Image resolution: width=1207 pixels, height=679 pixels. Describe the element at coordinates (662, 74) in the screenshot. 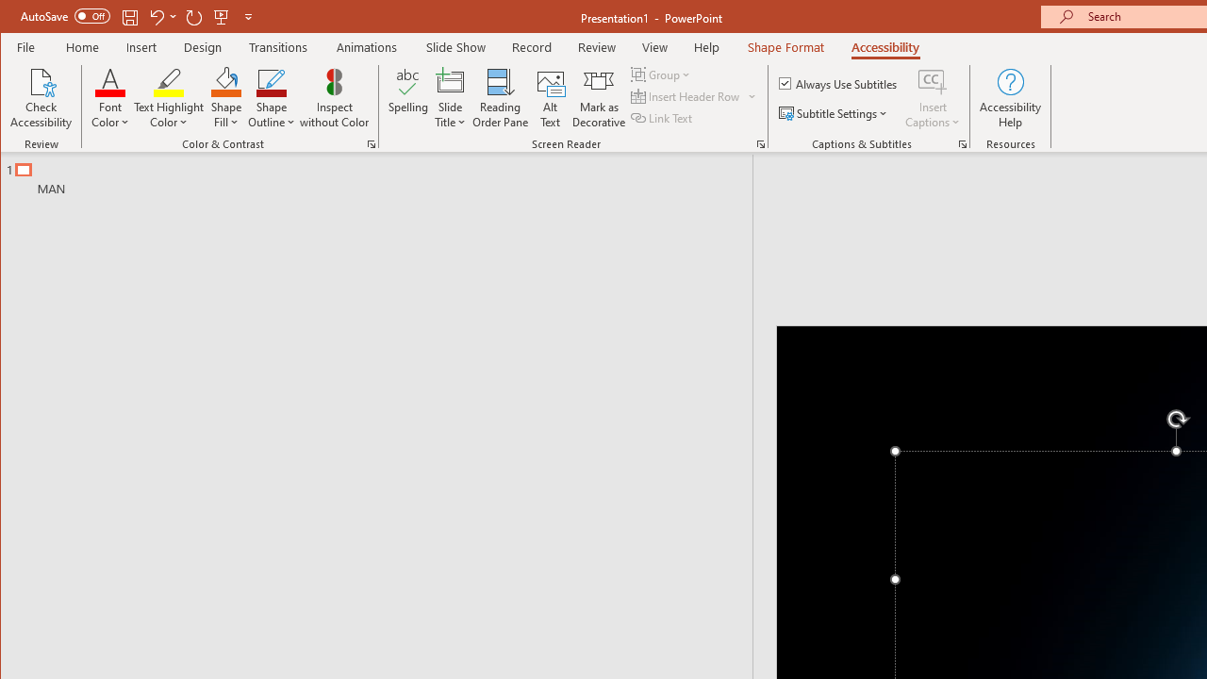

I see `'Group'` at that location.